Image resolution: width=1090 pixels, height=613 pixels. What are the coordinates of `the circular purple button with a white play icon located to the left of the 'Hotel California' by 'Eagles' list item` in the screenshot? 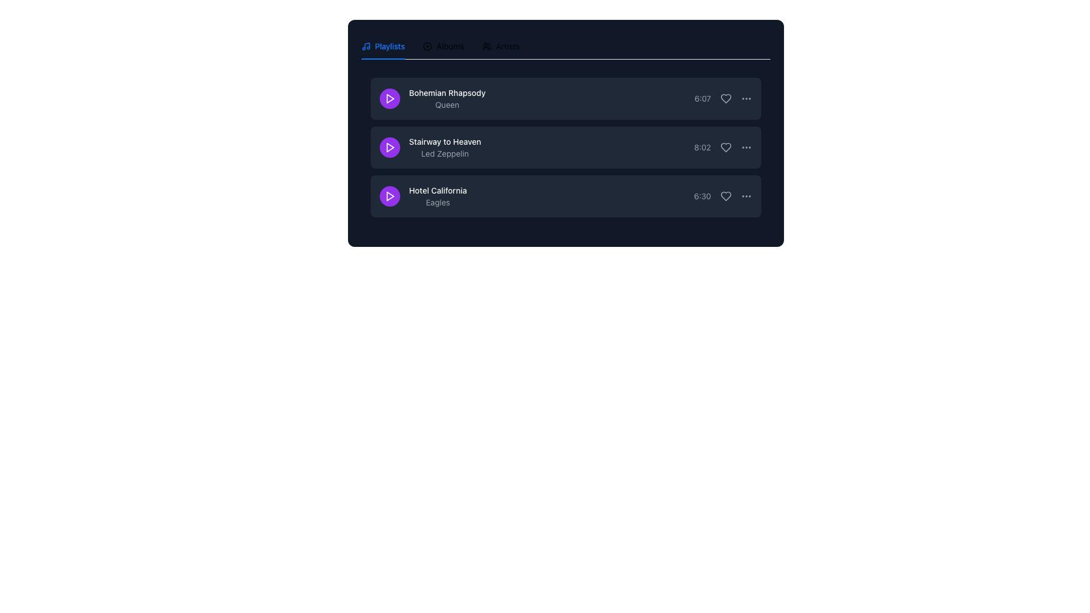 It's located at (389, 196).